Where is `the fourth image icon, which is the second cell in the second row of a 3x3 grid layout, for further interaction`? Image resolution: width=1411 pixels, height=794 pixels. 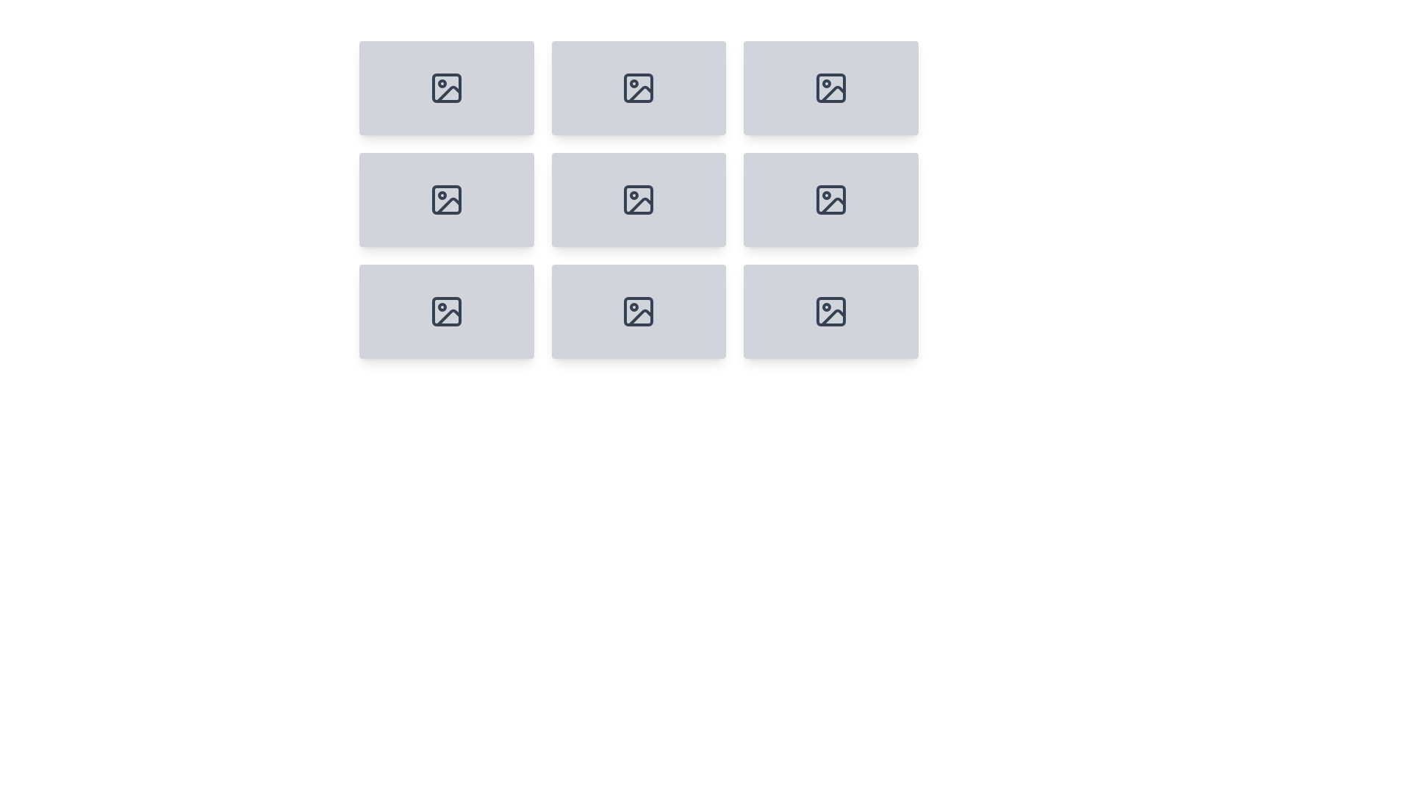 the fourth image icon, which is the second cell in the second row of a 3x3 grid layout, for further interaction is located at coordinates (831, 200).